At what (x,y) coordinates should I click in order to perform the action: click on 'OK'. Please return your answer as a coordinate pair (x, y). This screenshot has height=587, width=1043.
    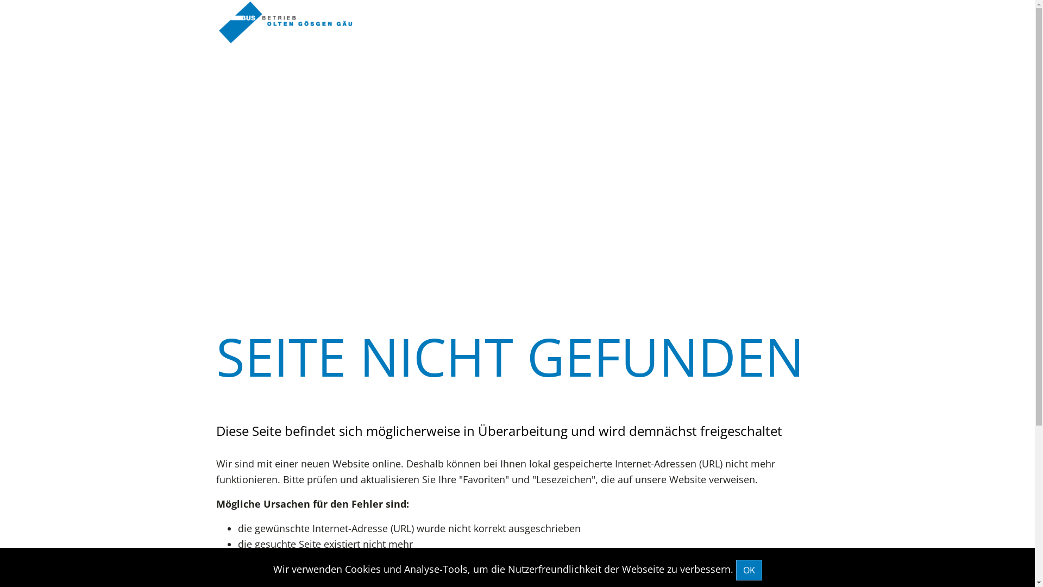
    Looking at the image, I should click on (735, 570).